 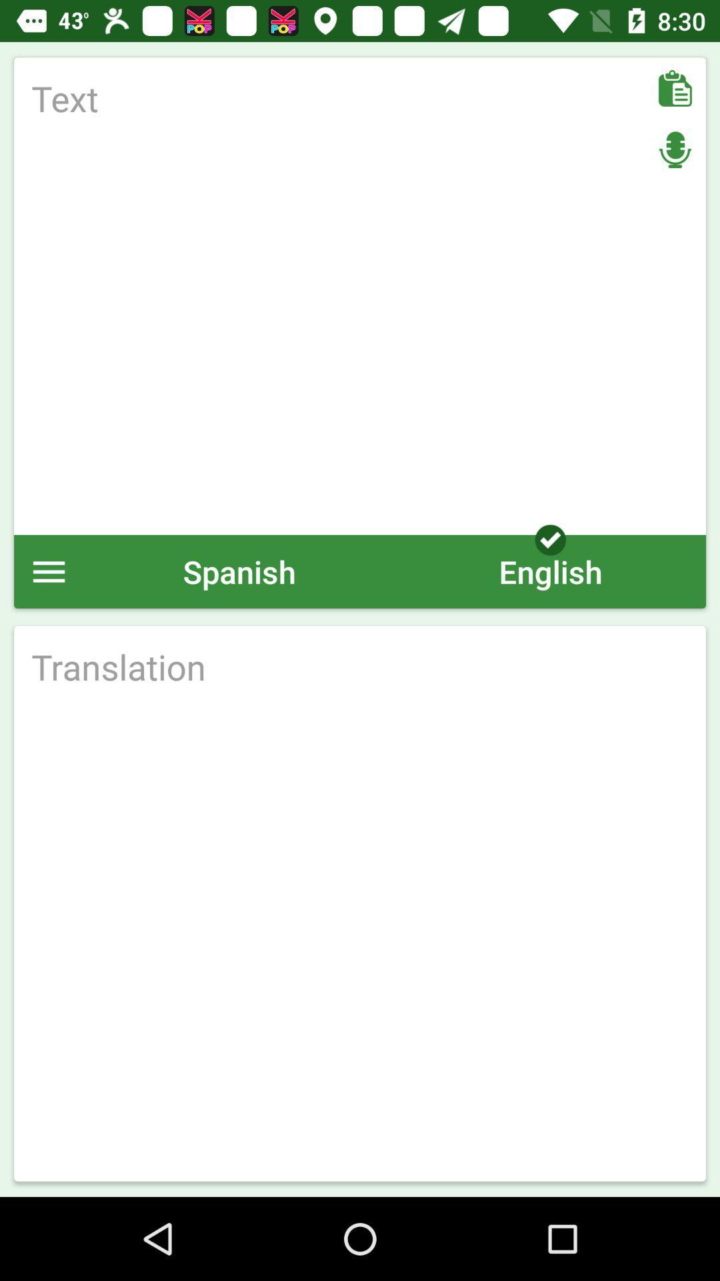 I want to click on input text to translate, so click(x=360, y=296).